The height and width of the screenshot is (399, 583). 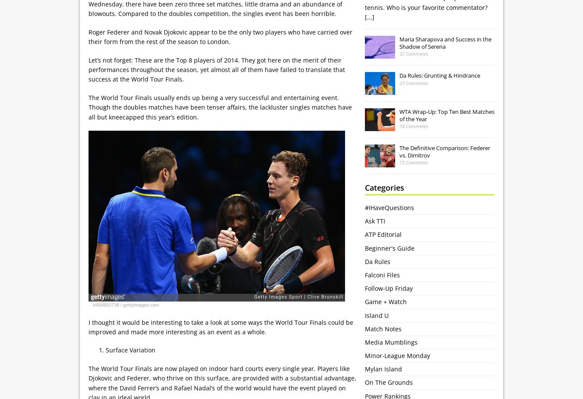 I want to click on 'Minor-League Monday', so click(x=397, y=355).